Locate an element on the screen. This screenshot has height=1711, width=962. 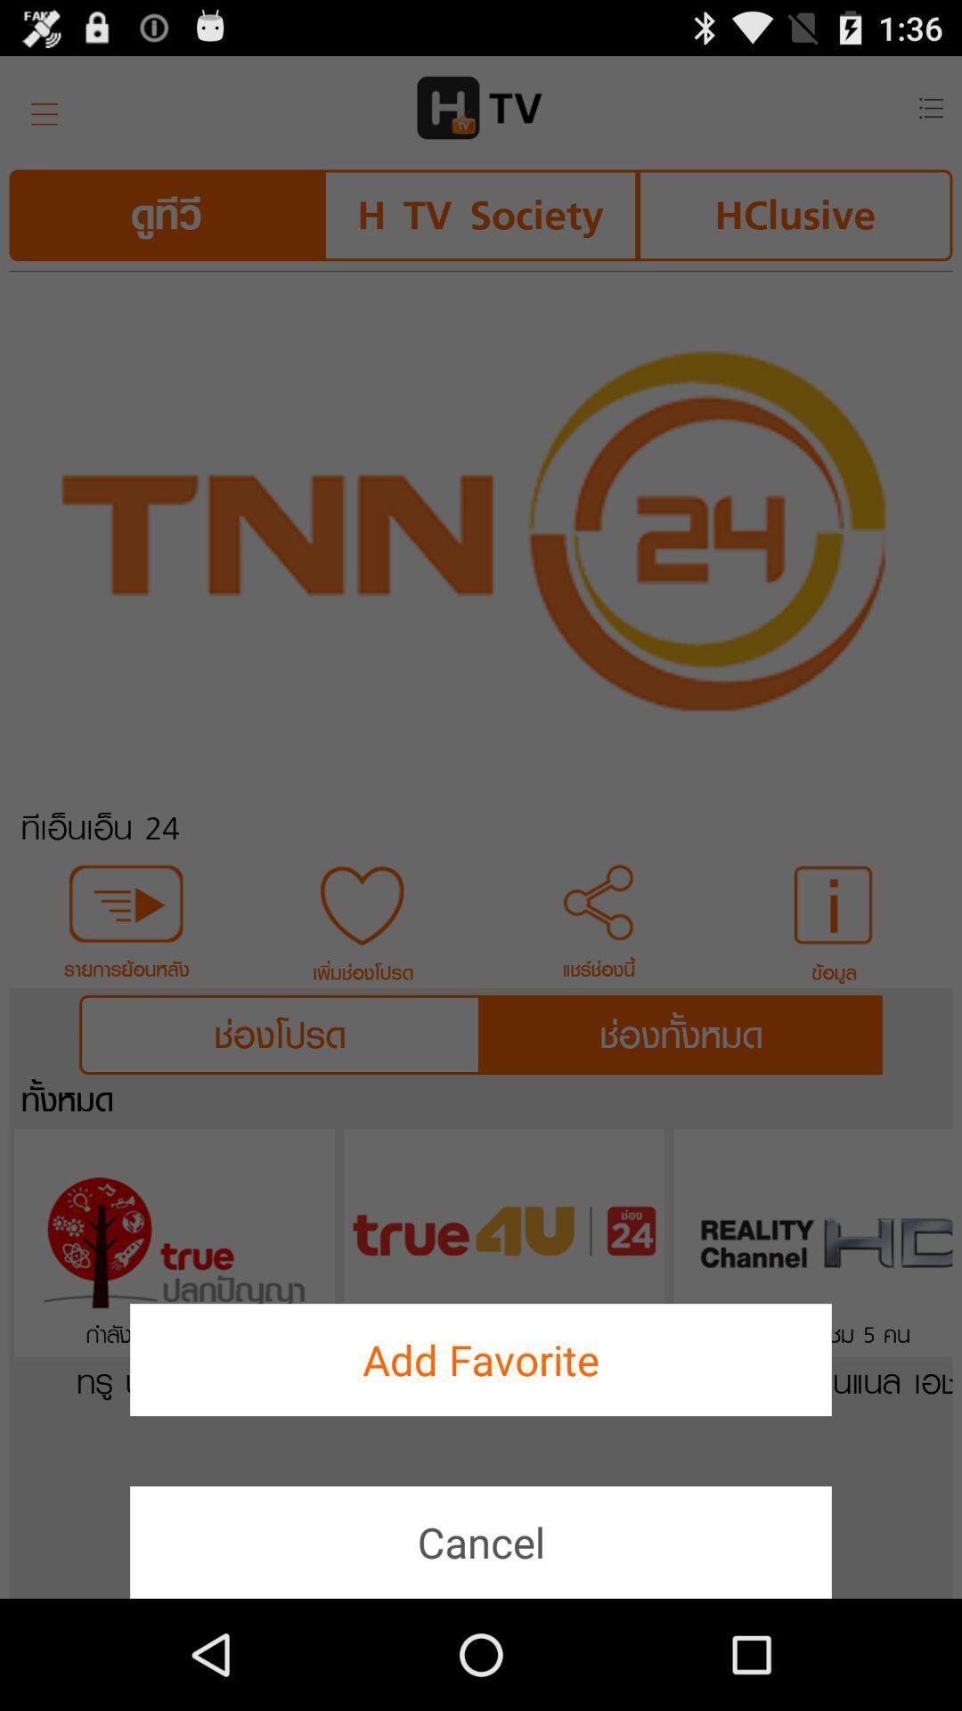
the cancel button is located at coordinates (481, 1542).